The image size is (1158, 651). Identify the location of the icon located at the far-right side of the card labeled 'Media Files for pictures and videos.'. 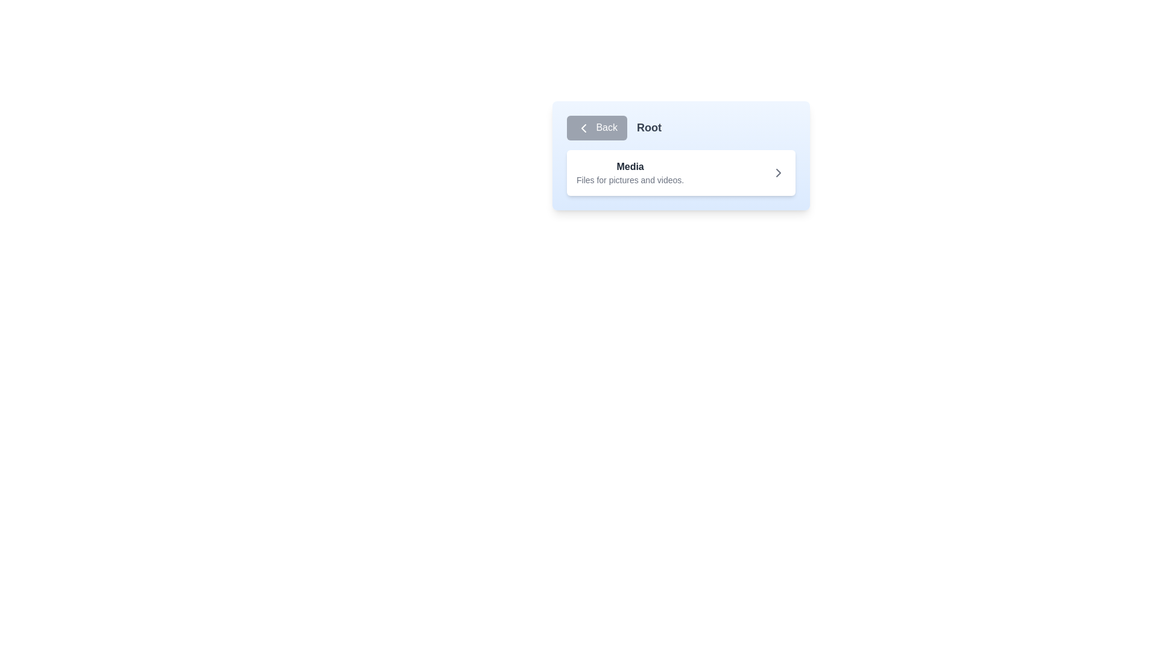
(779, 172).